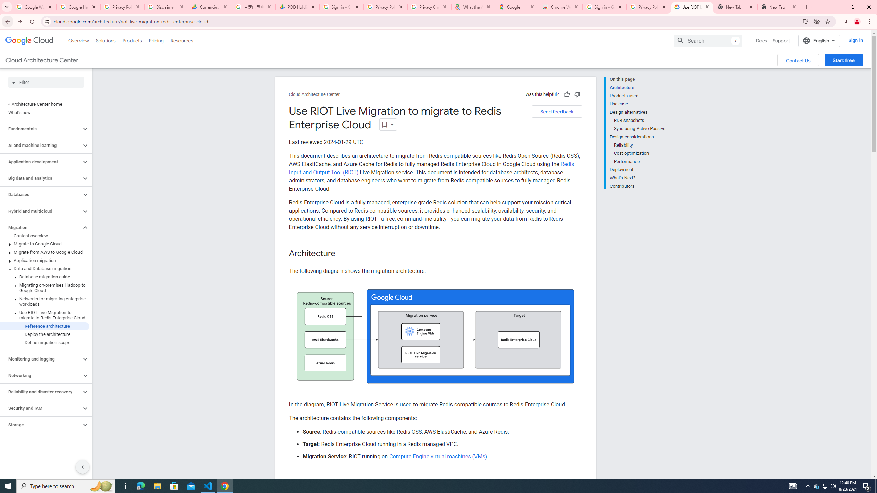 The width and height of the screenshot is (877, 493). What do you see at coordinates (45, 261) in the screenshot?
I see `'Application migration'` at bounding box center [45, 261].